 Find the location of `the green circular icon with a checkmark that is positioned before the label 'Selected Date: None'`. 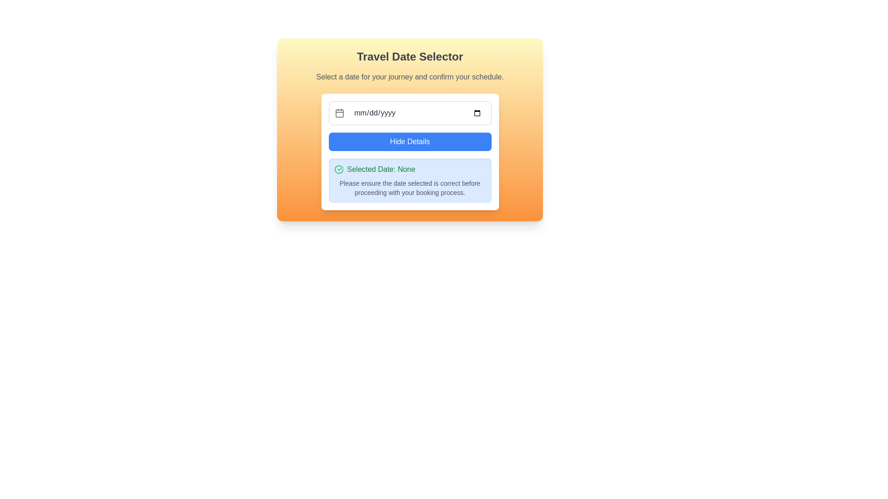

the green circular icon with a checkmark that is positioned before the label 'Selected Date: None' is located at coordinates (338, 169).